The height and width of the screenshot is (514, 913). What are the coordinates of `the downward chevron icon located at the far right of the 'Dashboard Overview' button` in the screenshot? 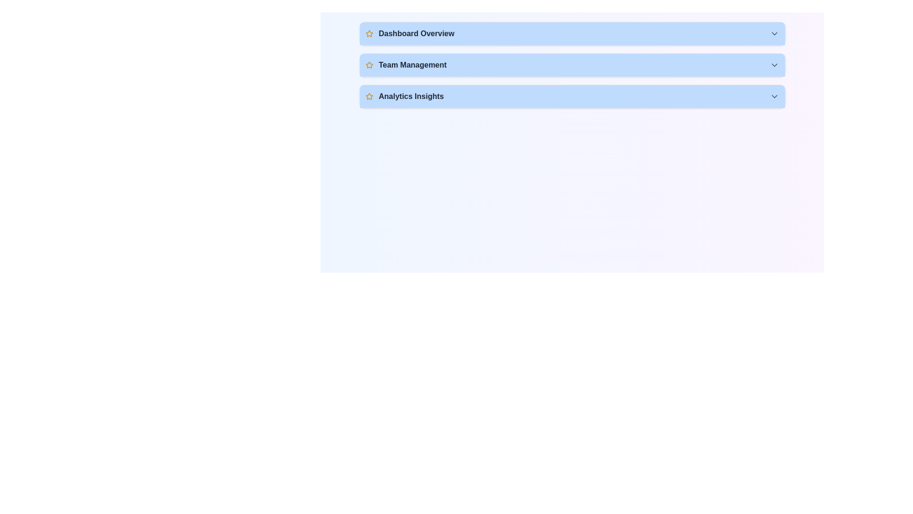 It's located at (774, 33).